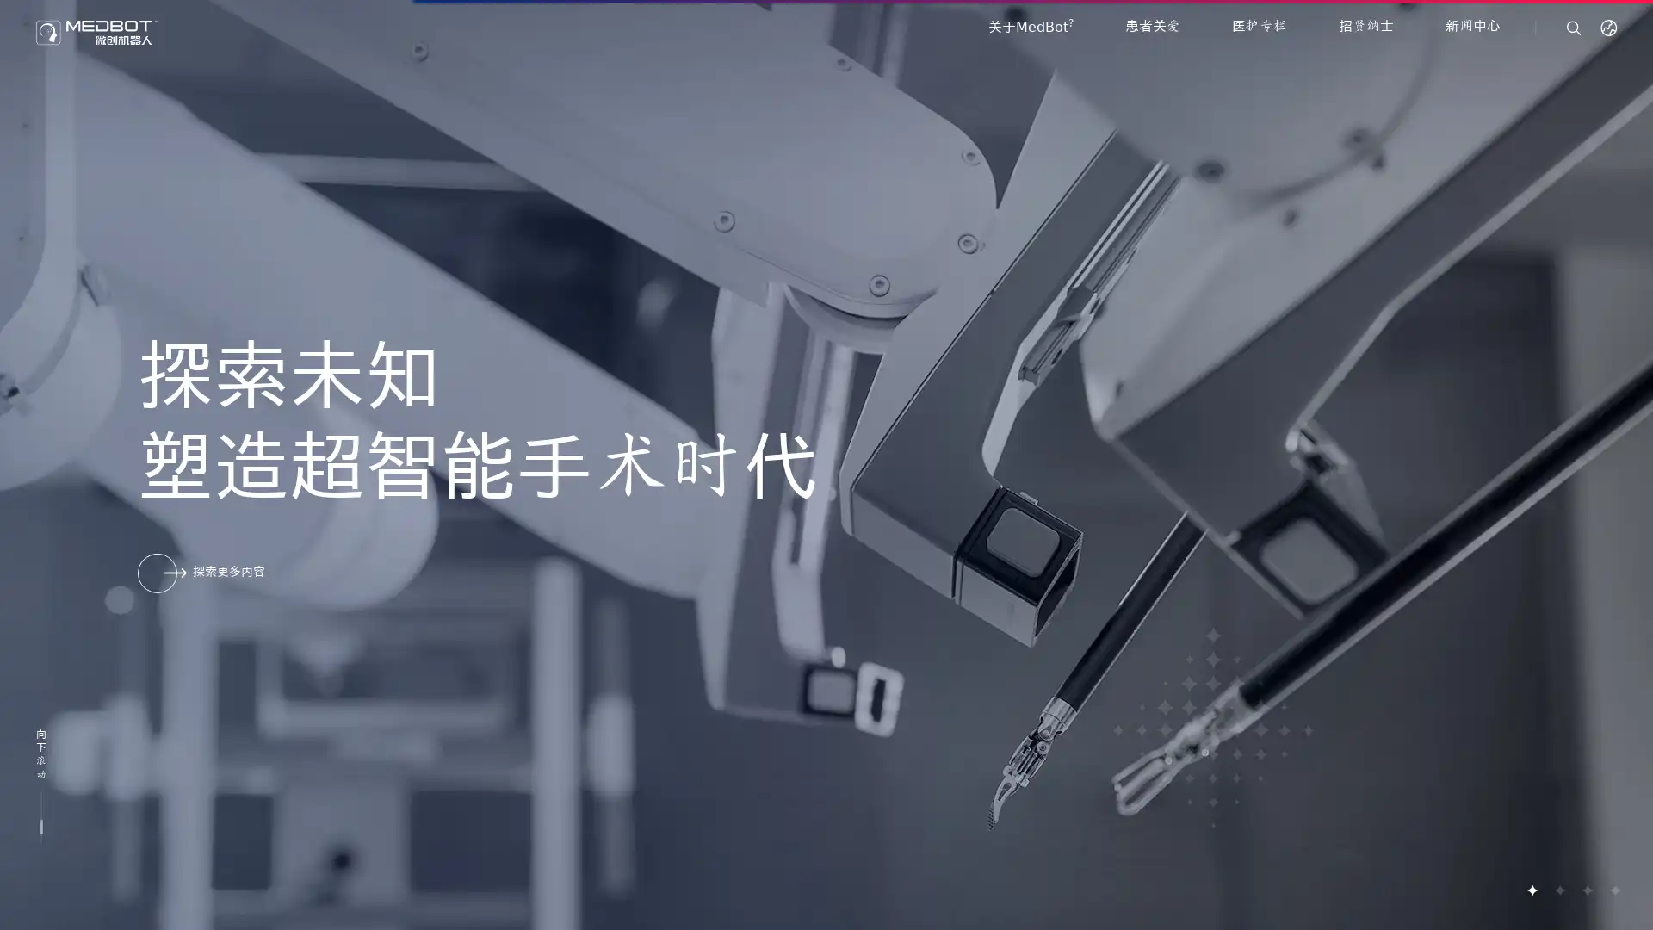  Describe the element at coordinates (1613, 890) in the screenshot. I see `Go to slide 4` at that location.